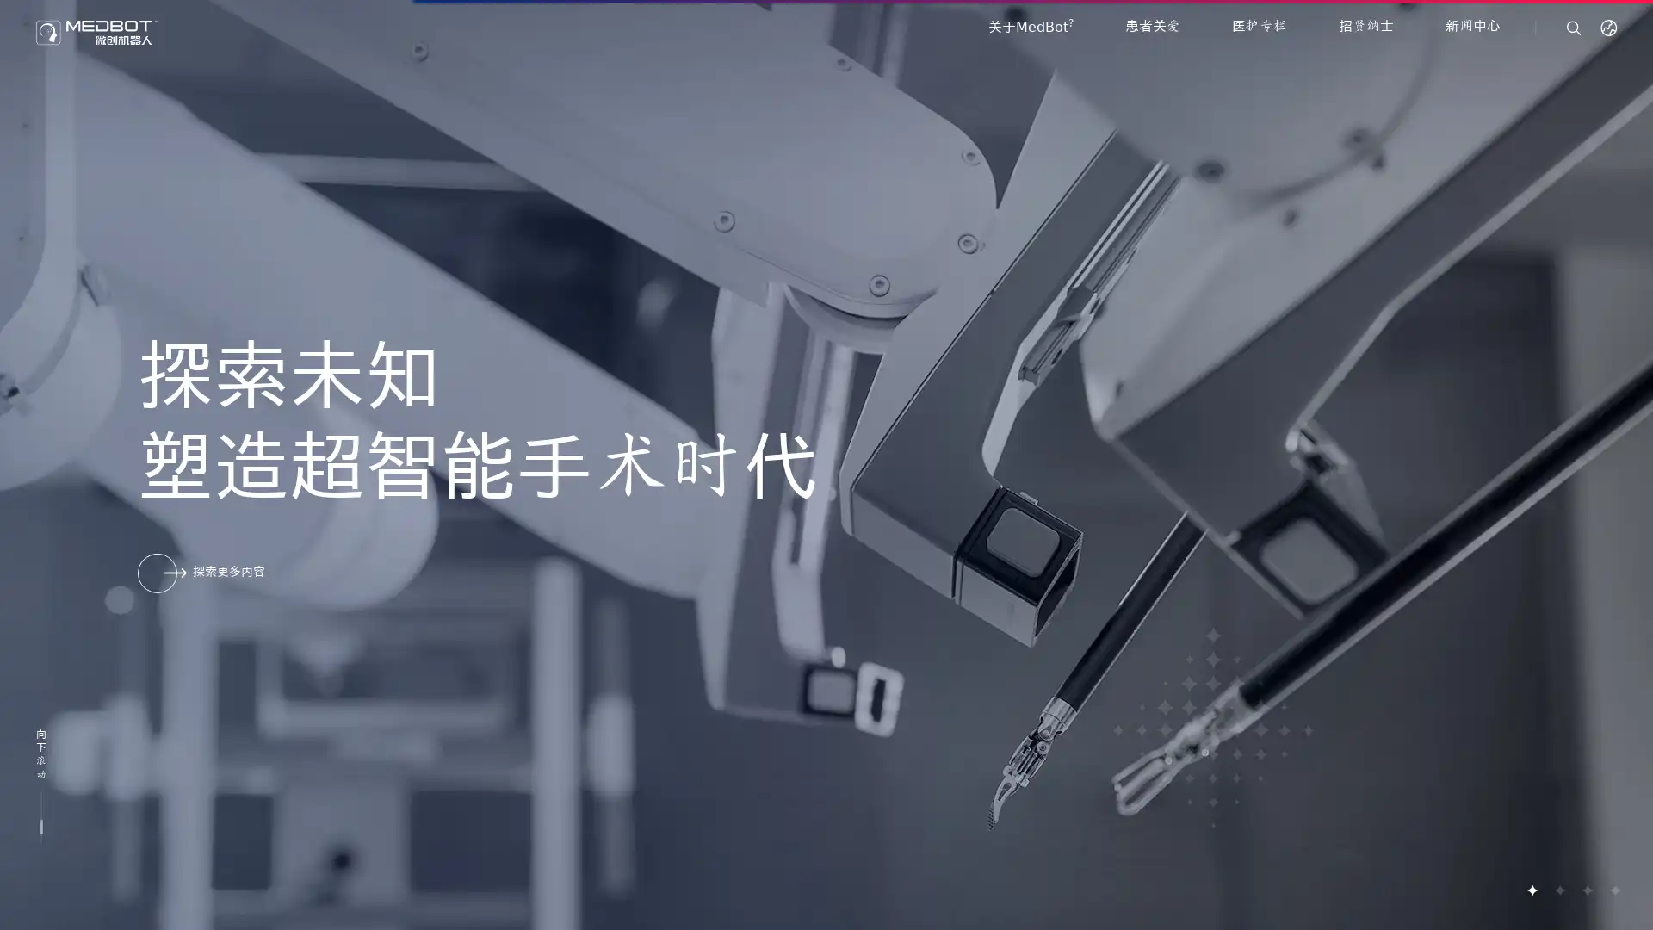  Describe the element at coordinates (1613, 890) in the screenshot. I see `Go to slide 4` at that location.